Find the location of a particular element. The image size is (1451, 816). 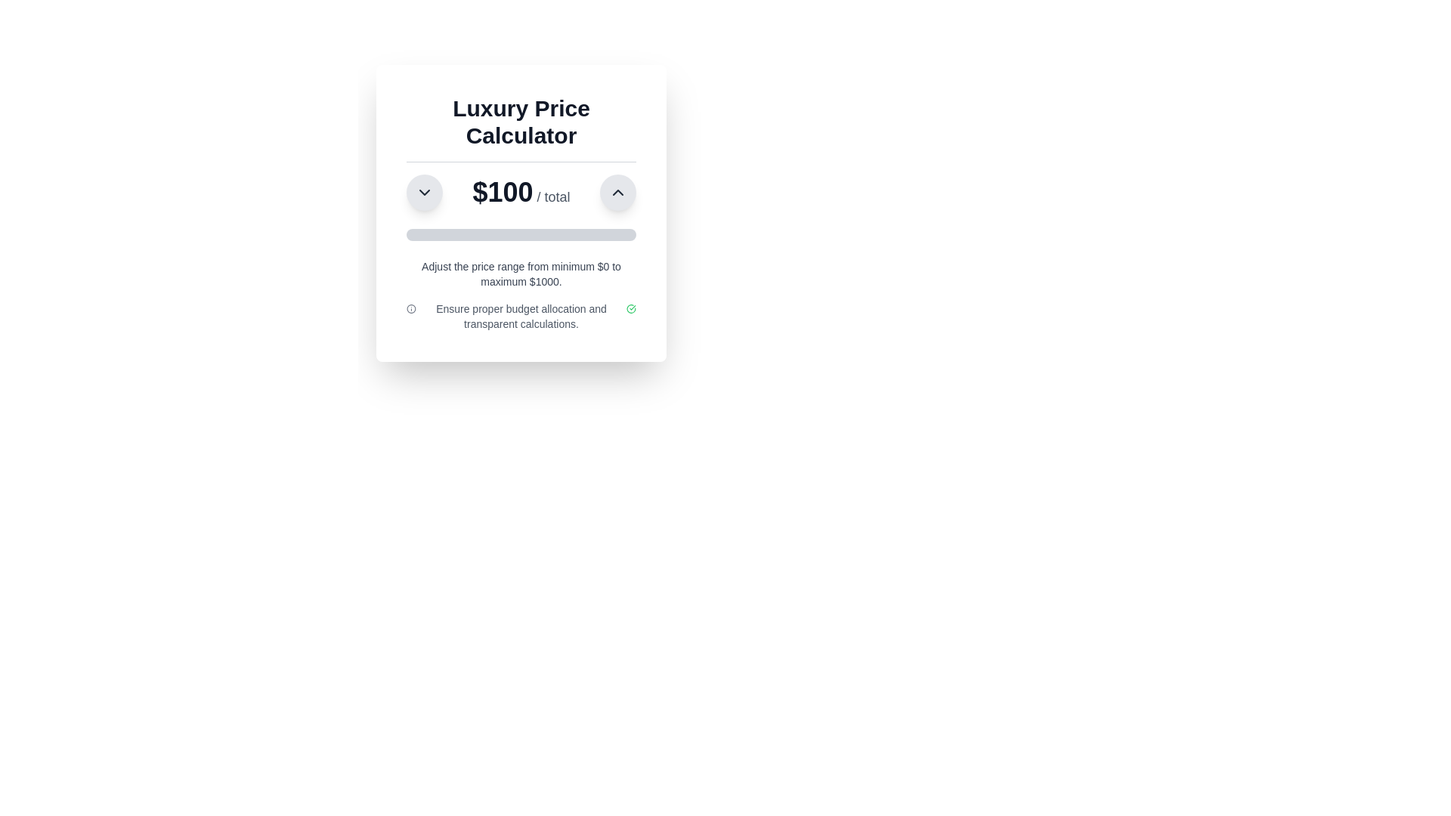

the horizontal progress bar with rounded edges, filled with gold, located below the '$100 / total' text and above the label 'Adjust the price range from minimum $0 to maximum $1000.' in the 'Luxury Price Calculator' card is located at coordinates (521, 235).